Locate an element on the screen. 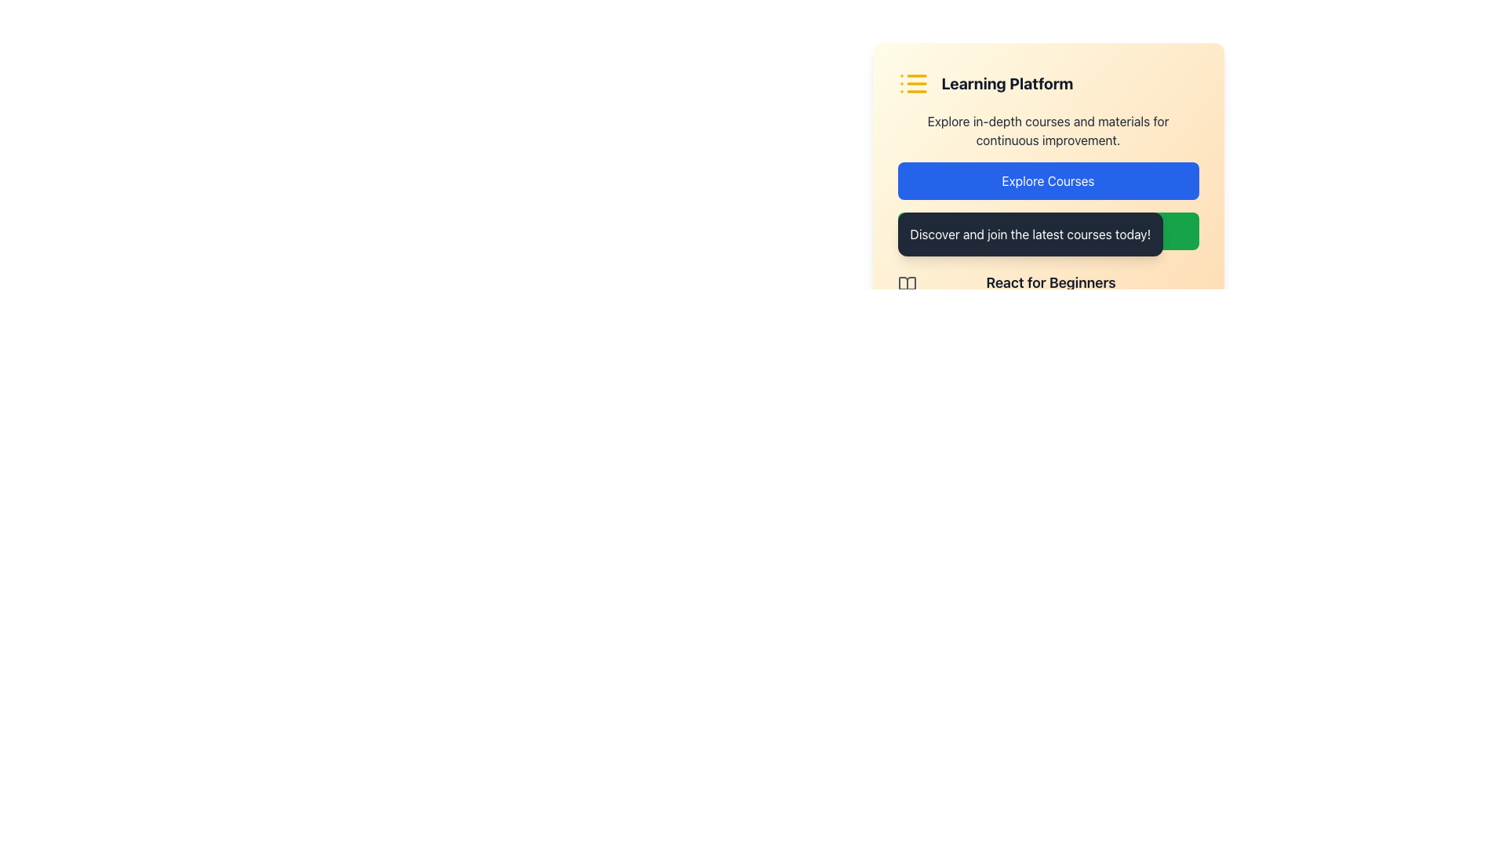 The height and width of the screenshot is (847, 1506). the Informative Section containing the text 'React for Beginners' and the subtitle 'A comprehensive guide to React.js fundamentals.' is located at coordinates (1048, 290).